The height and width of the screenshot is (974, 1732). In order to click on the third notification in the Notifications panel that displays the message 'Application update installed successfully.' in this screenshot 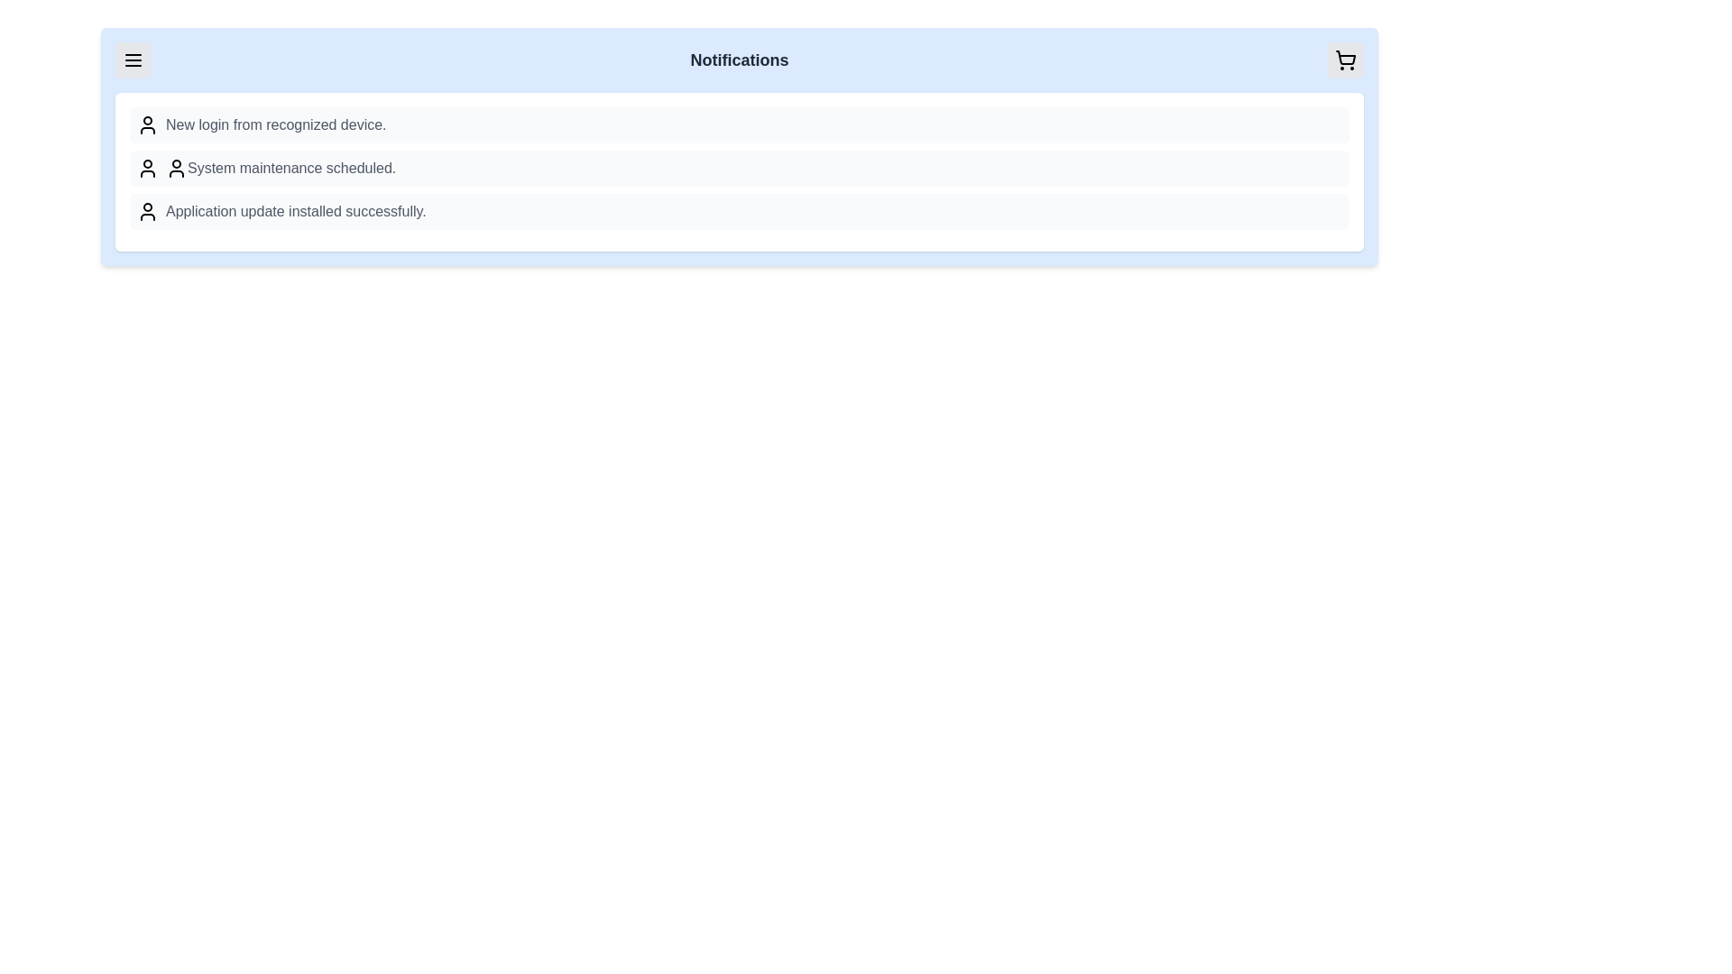, I will do `click(740, 211)`.